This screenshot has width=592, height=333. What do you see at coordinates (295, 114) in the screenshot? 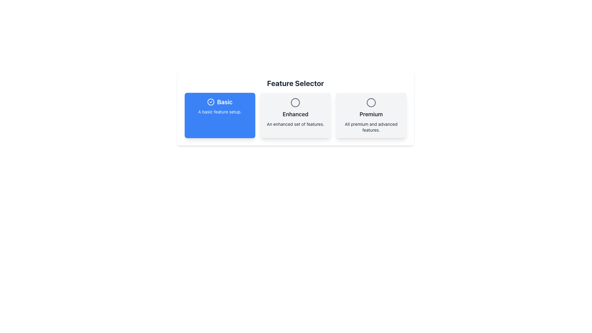
I see `the 'Enhanced' label, which is the second element in a horizontal list of cards, characterized by a bold font style and larger, darker text compared to its surroundings` at bounding box center [295, 114].